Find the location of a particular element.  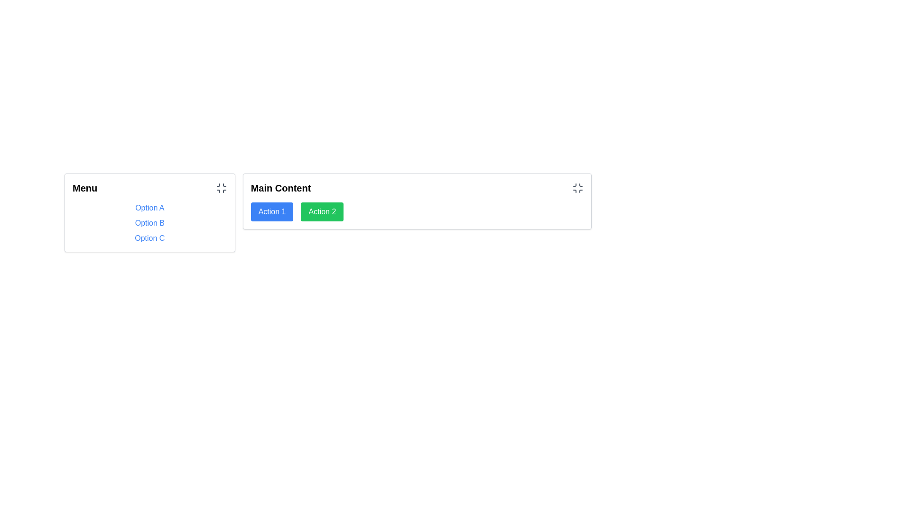

the small, square grey icon button resembling a 'minimize' or 'crosshair' symbol located in the top-right corner of the 'Menu' section is located at coordinates (221, 188).